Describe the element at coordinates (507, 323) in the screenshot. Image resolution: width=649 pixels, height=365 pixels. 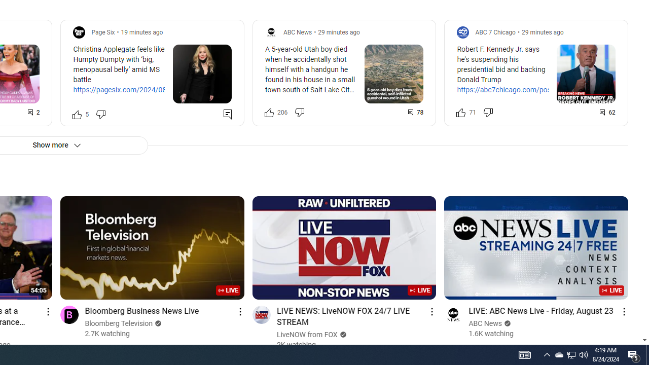
I see `'Verified'` at that location.